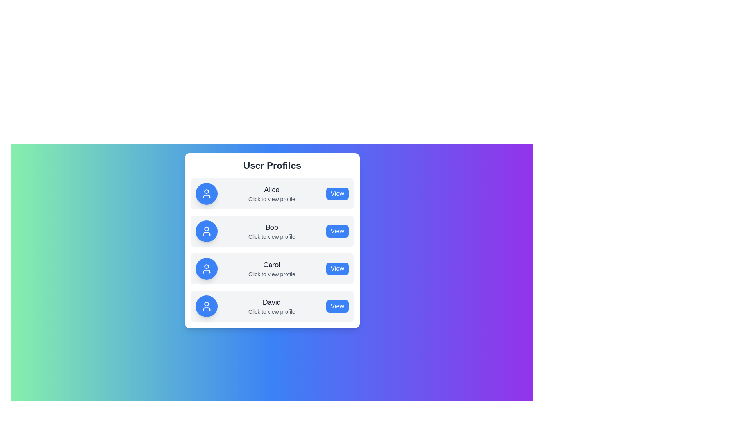  I want to click on the user profile icon representing 'Alice', which is the first icon in the profile list located to the left of the text 'Alice', so click(206, 193).